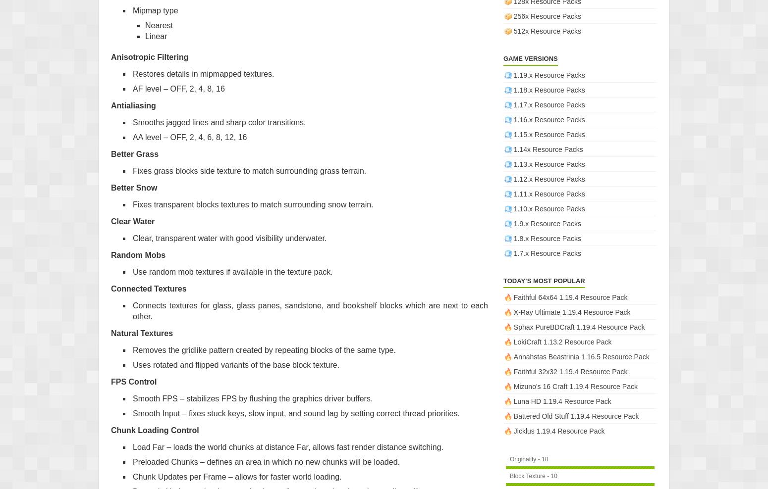  I want to click on '1.13.x Resource Packs', so click(548, 164).